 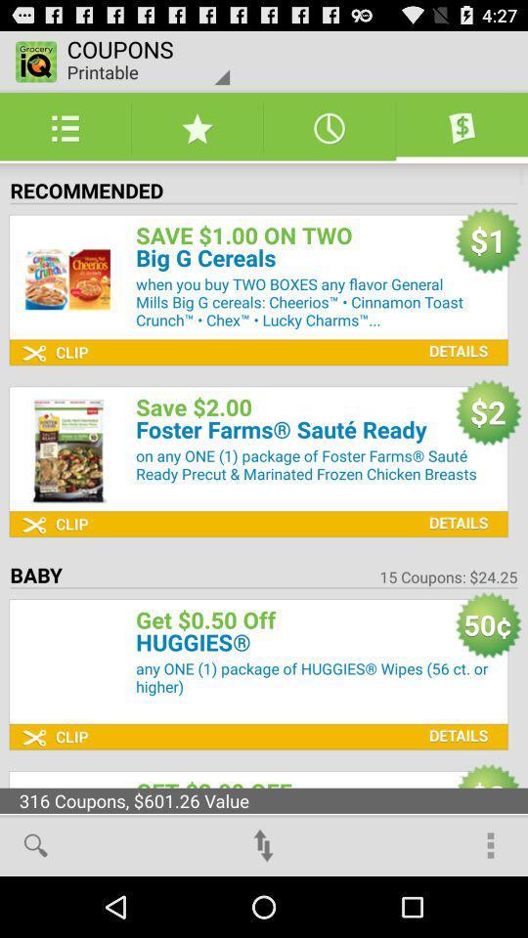 I want to click on see details of coupon, so click(x=454, y=336).